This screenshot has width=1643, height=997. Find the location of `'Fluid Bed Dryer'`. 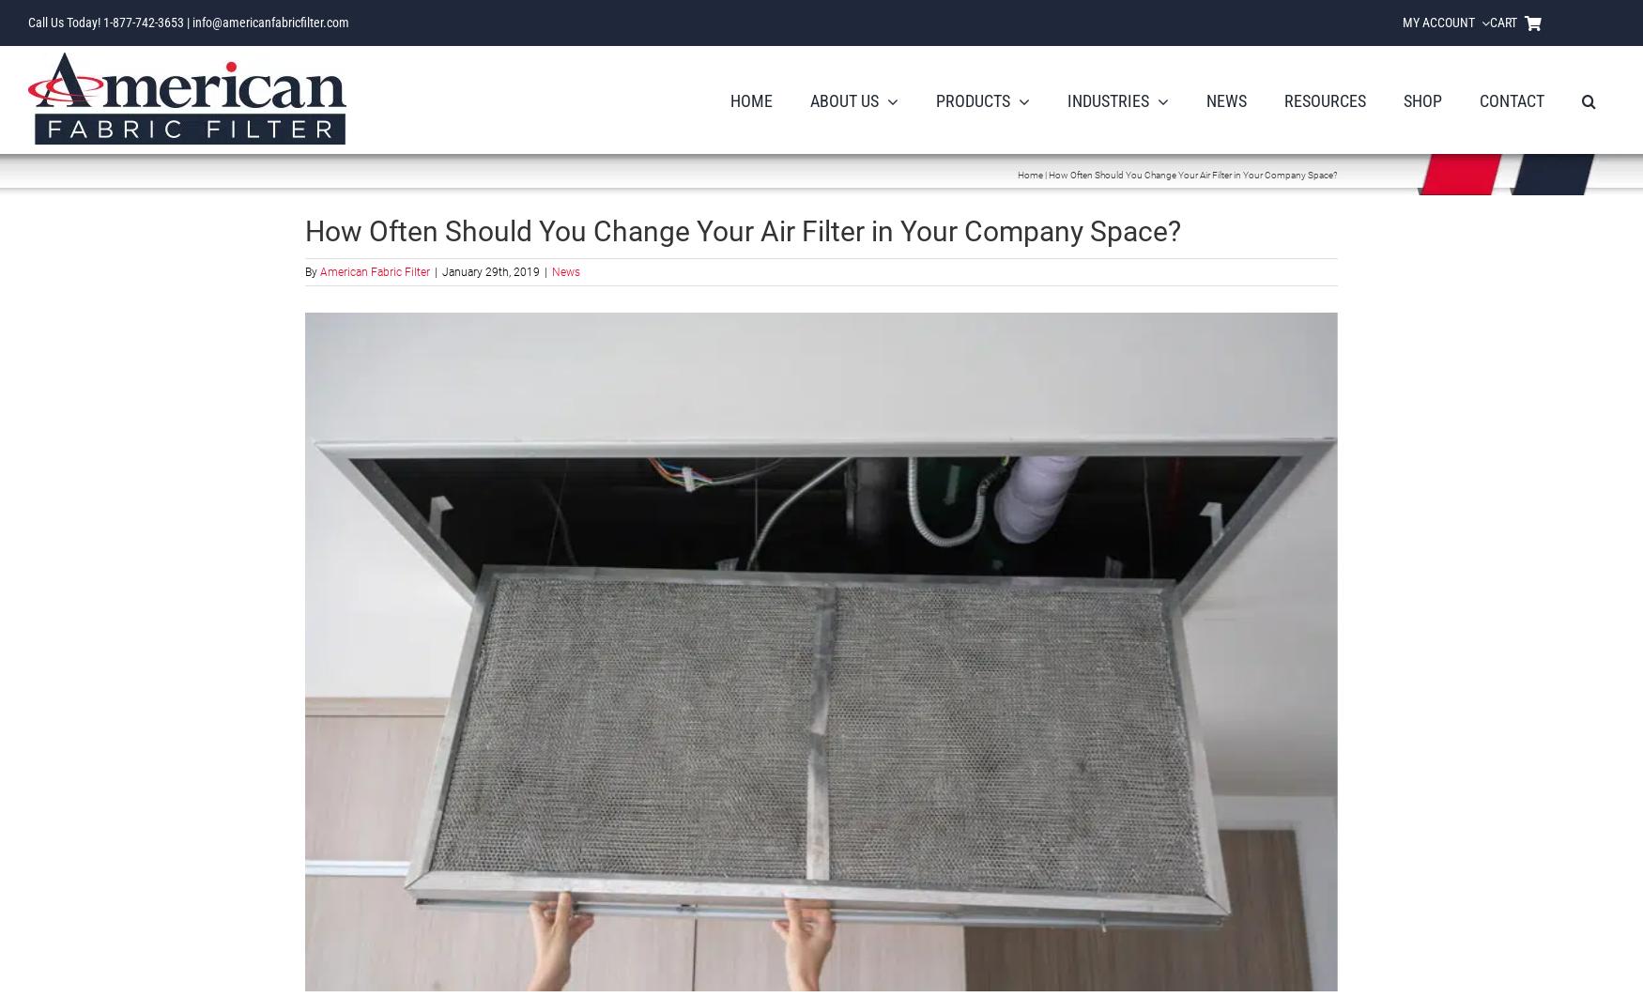

'Fluid Bed Dryer' is located at coordinates (199, 548).